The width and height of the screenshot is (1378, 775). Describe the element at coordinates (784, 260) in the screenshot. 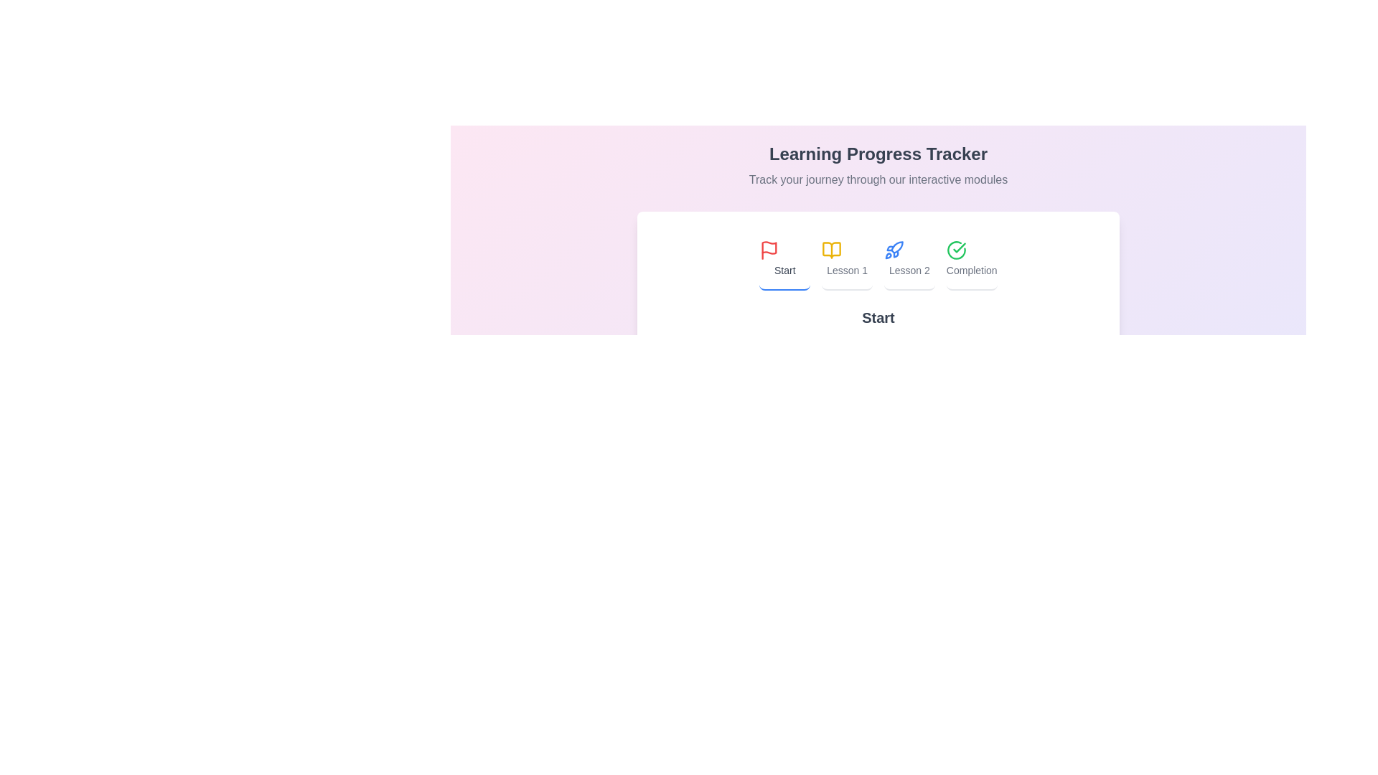

I see `the tab labeled Start by clicking on its button` at that location.